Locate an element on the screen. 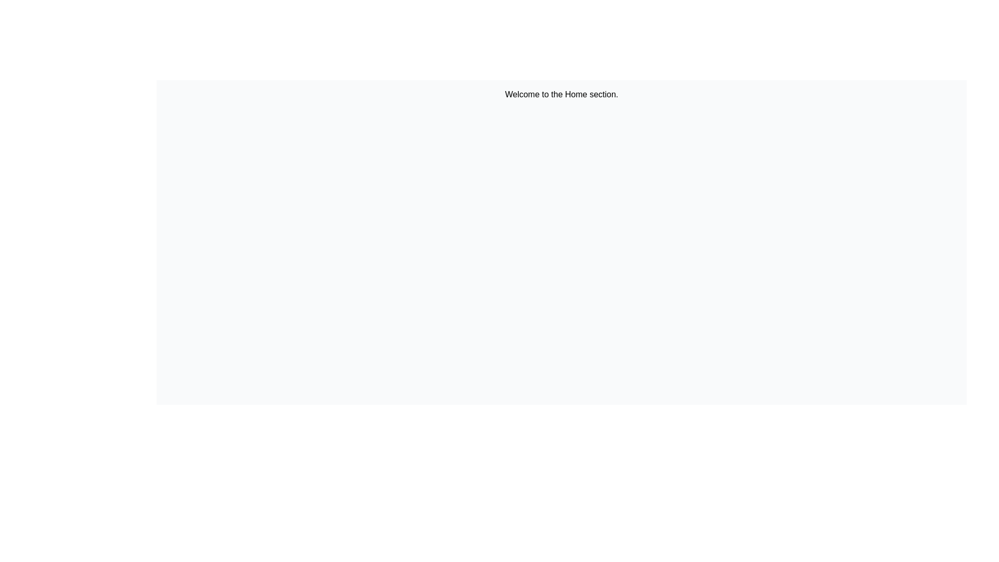  the static text element displaying 'Welcome to the Home section.' which is positioned at the top of the interface is located at coordinates (561, 94).